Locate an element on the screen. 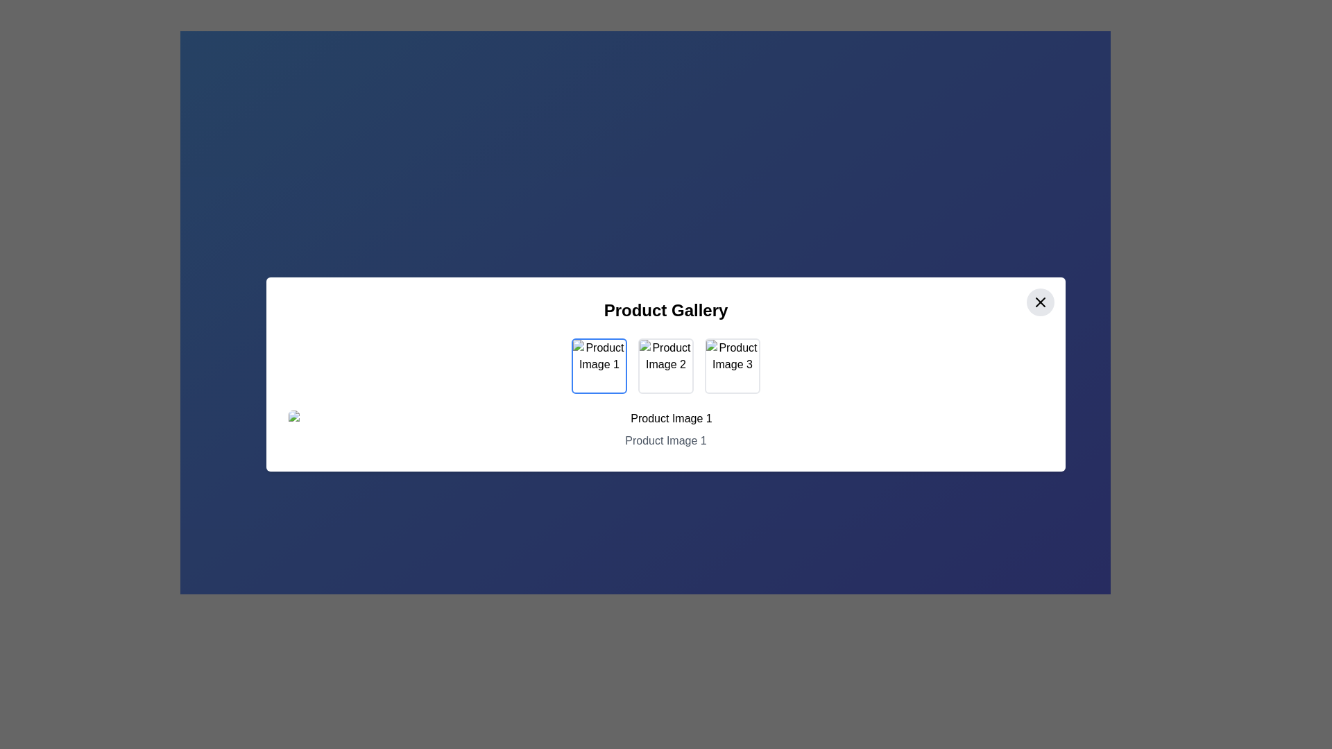 This screenshot has height=749, width=1332. the close icon located in the top-right corner of the white card displaying the product gallery is located at coordinates (1040, 301).